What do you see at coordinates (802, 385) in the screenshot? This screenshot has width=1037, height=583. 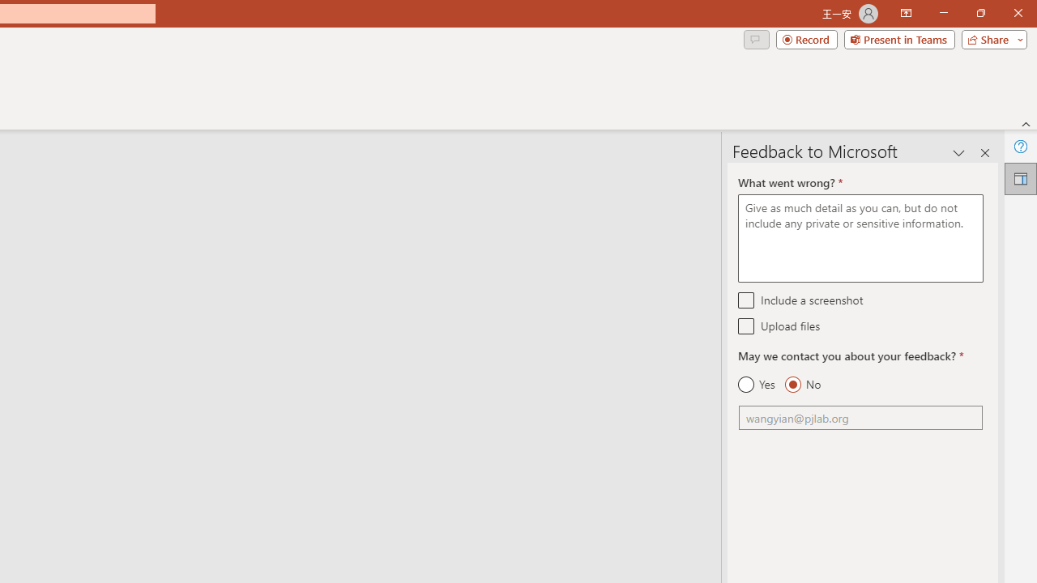 I see `'No'` at bounding box center [802, 385].